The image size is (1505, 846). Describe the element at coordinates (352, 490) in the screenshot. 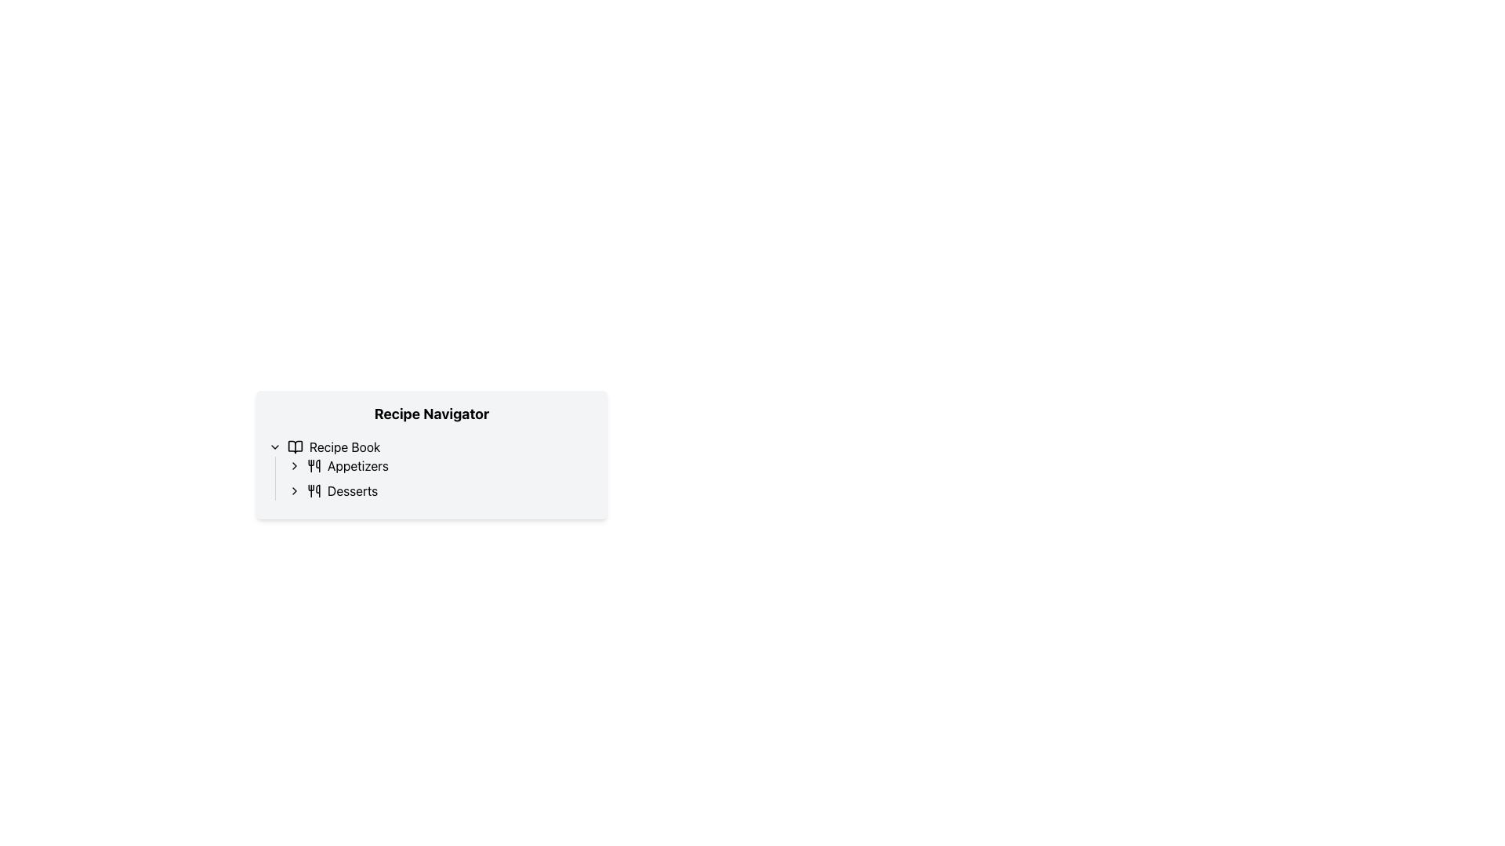

I see `the 'Desserts' text label in the Recipe Navigator section` at that location.